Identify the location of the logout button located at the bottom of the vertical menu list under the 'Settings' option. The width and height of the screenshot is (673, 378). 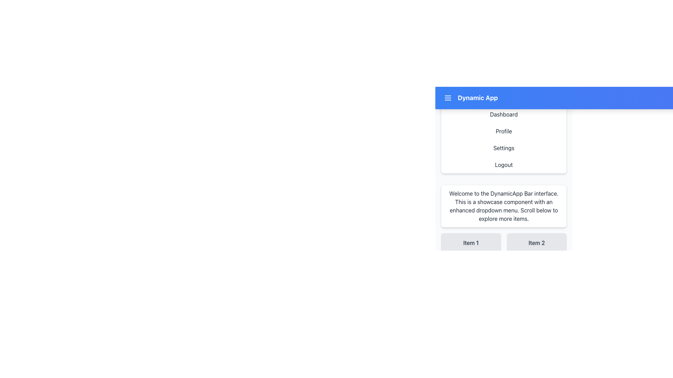
(503, 164).